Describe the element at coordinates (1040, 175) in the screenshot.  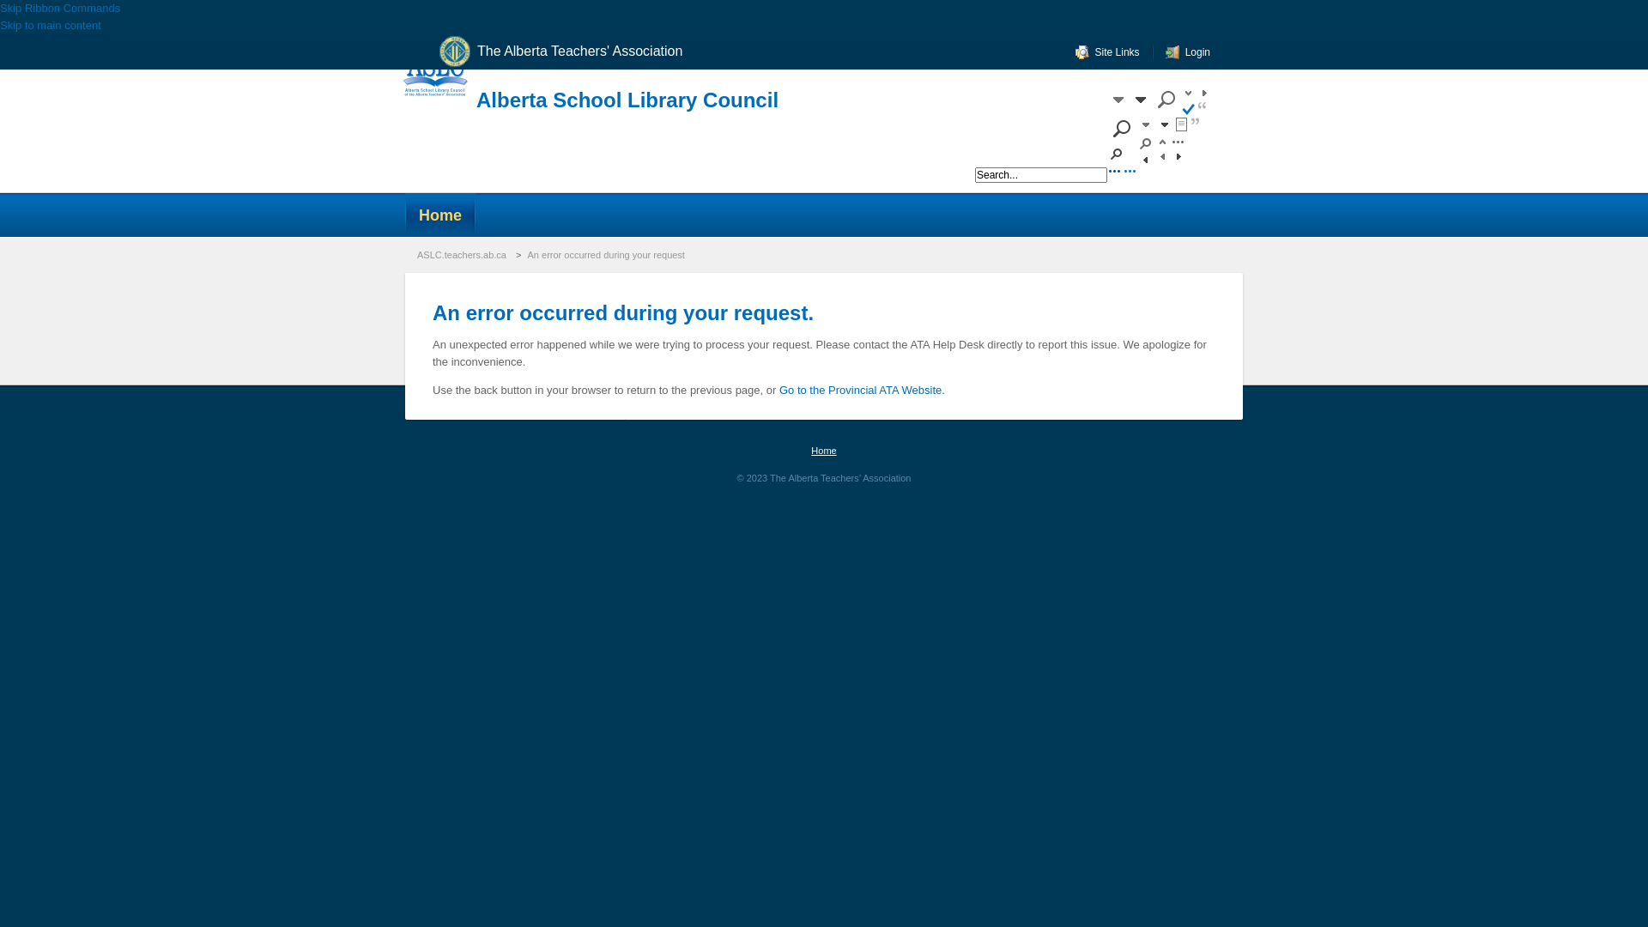
I see `'Search...'` at that location.